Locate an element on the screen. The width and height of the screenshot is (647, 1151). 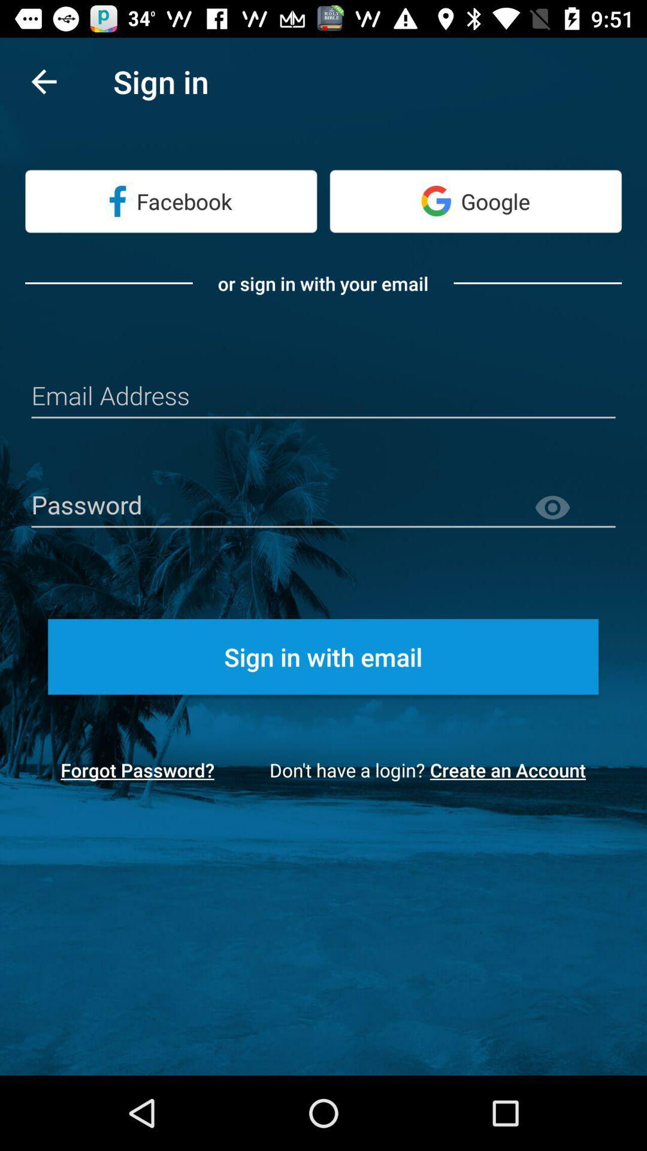
input email address is located at coordinates (323, 397).